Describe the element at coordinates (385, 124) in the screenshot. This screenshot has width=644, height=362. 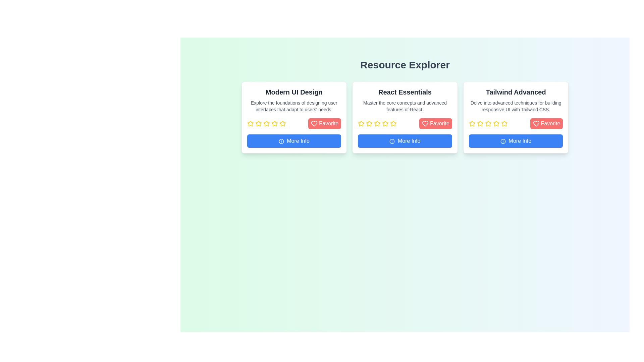
I see `the fifth star icon in the visual rating system of the 'React Essentials' card to interact with the rating value` at that location.